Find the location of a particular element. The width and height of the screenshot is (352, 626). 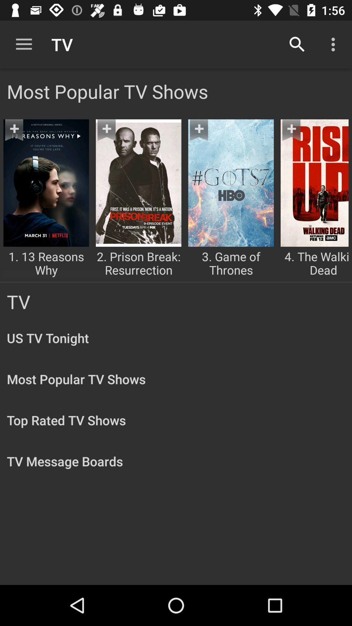

the bookmark icon is located at coordinates (20, 136).